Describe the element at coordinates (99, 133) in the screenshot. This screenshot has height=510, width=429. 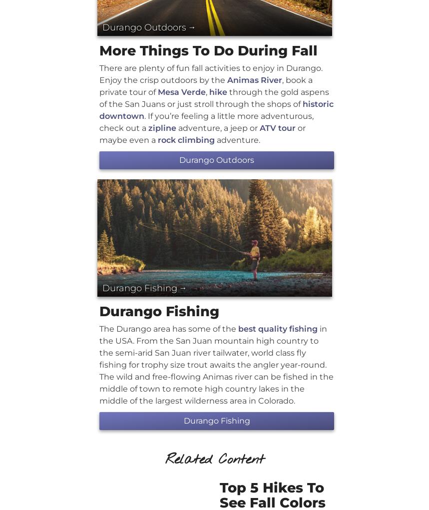
I see `'or maybe even a'` at that location.